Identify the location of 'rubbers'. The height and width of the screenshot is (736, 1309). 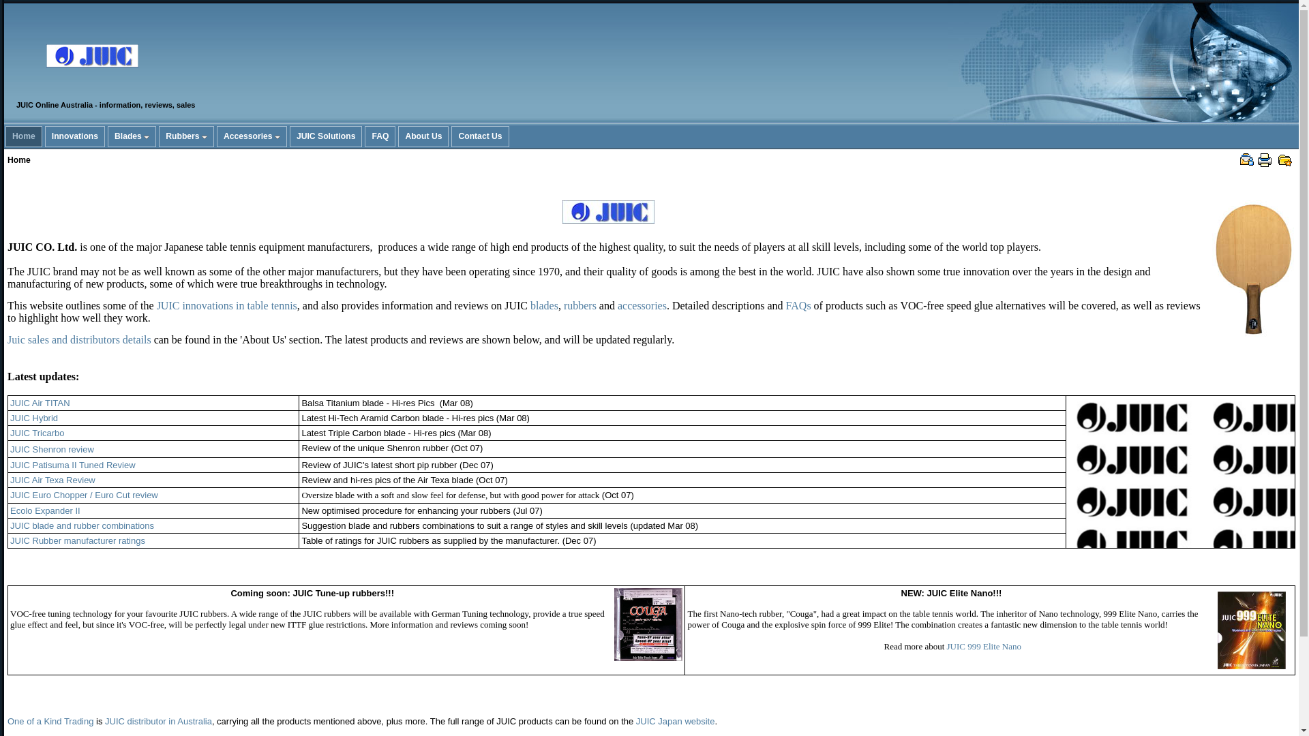
(580, 305).